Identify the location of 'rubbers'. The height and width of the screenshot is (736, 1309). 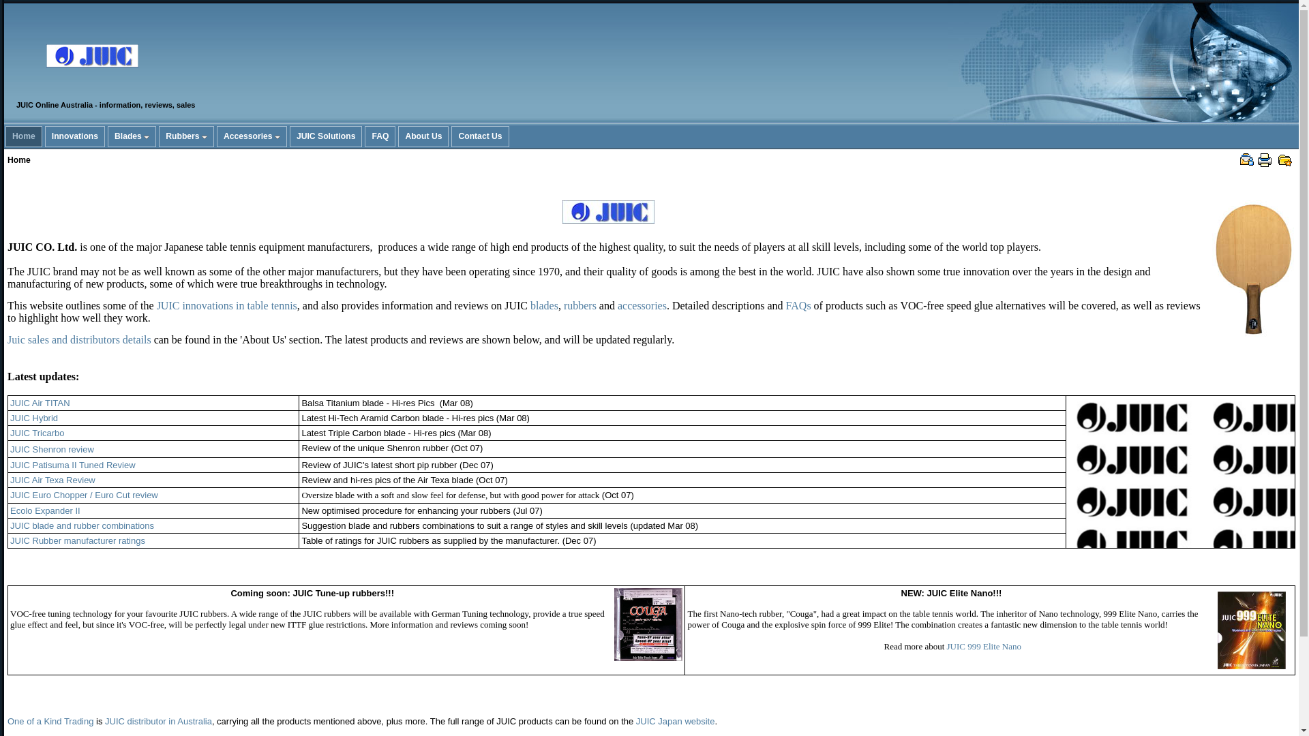
(580, 305).